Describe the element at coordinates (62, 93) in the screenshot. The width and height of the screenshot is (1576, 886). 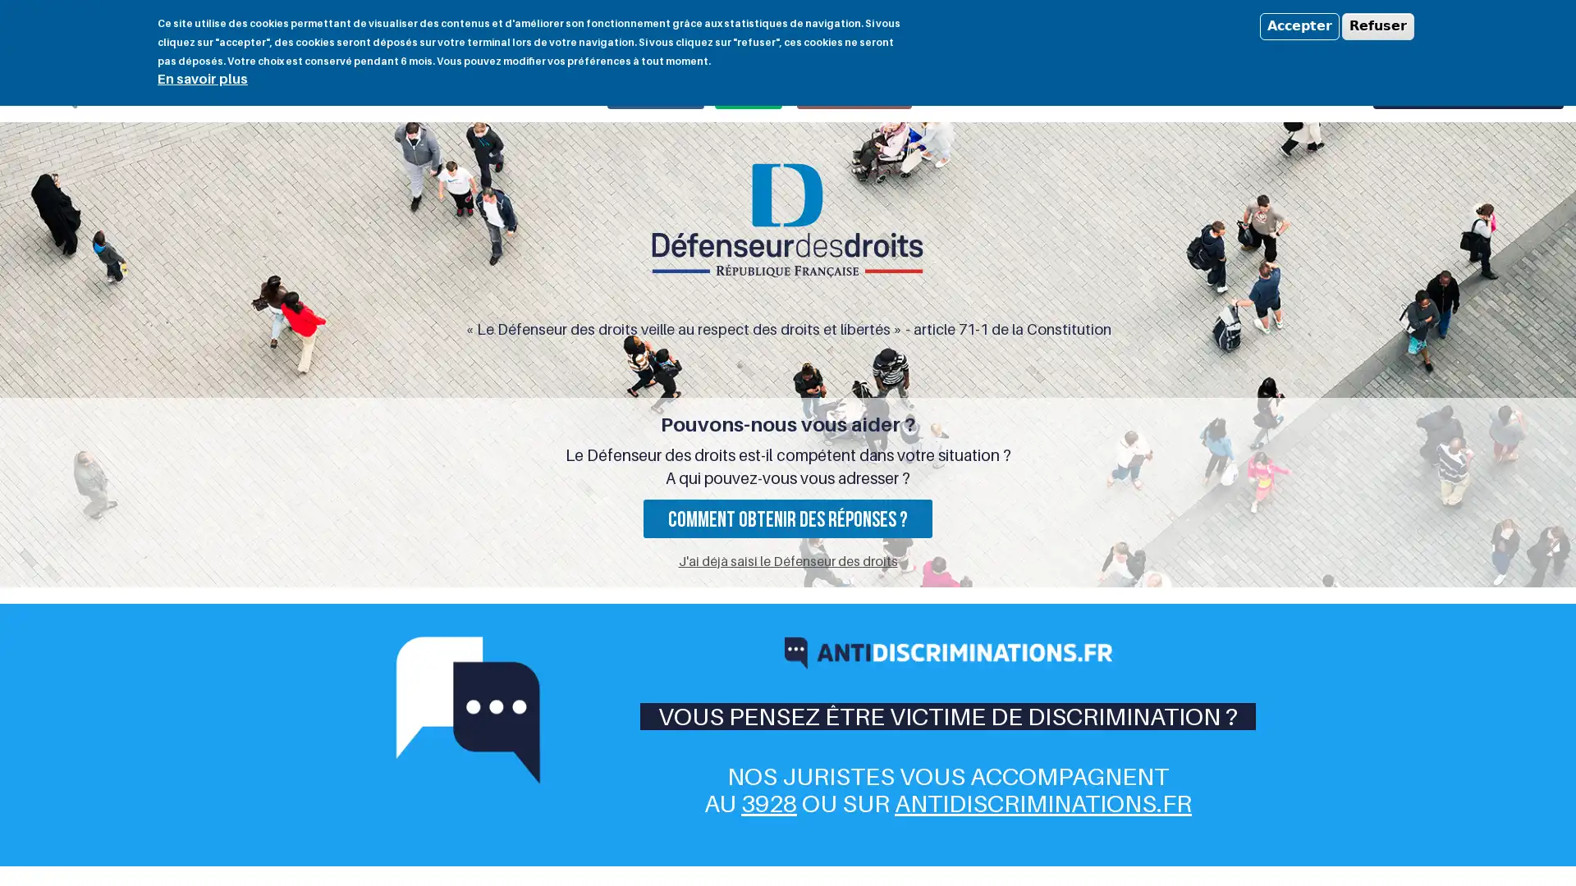
I see `Afficher le formulaire de recherche` at that location.